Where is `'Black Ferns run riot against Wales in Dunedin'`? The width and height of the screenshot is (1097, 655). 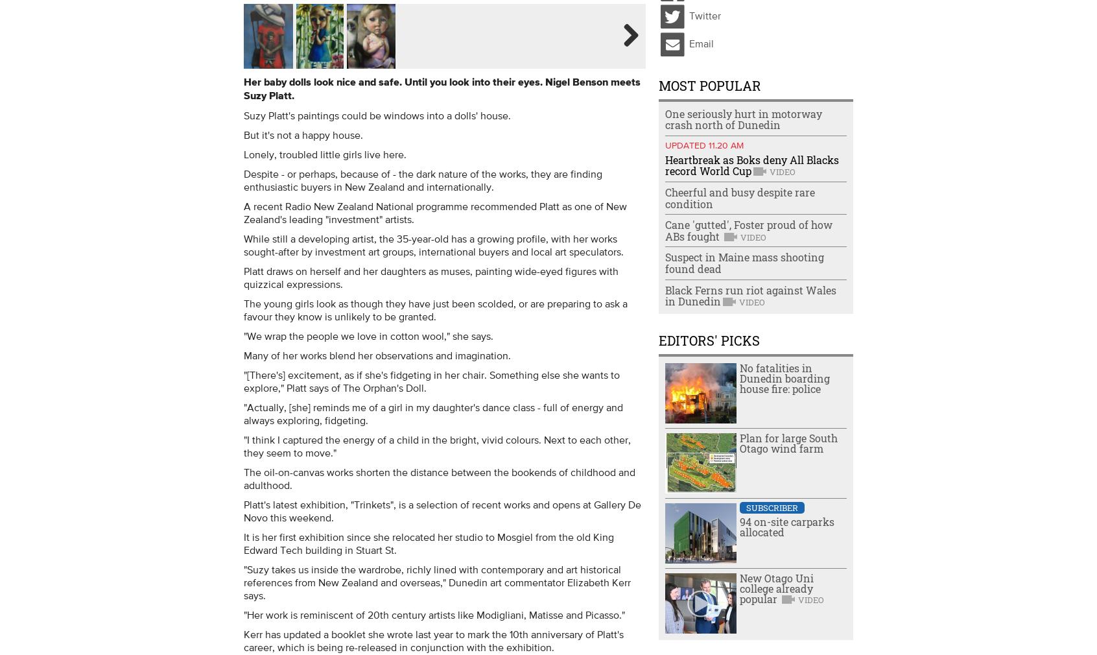 'Black Ferns run riot against Wales in Dunedin' is located at coordinates (749, 295).